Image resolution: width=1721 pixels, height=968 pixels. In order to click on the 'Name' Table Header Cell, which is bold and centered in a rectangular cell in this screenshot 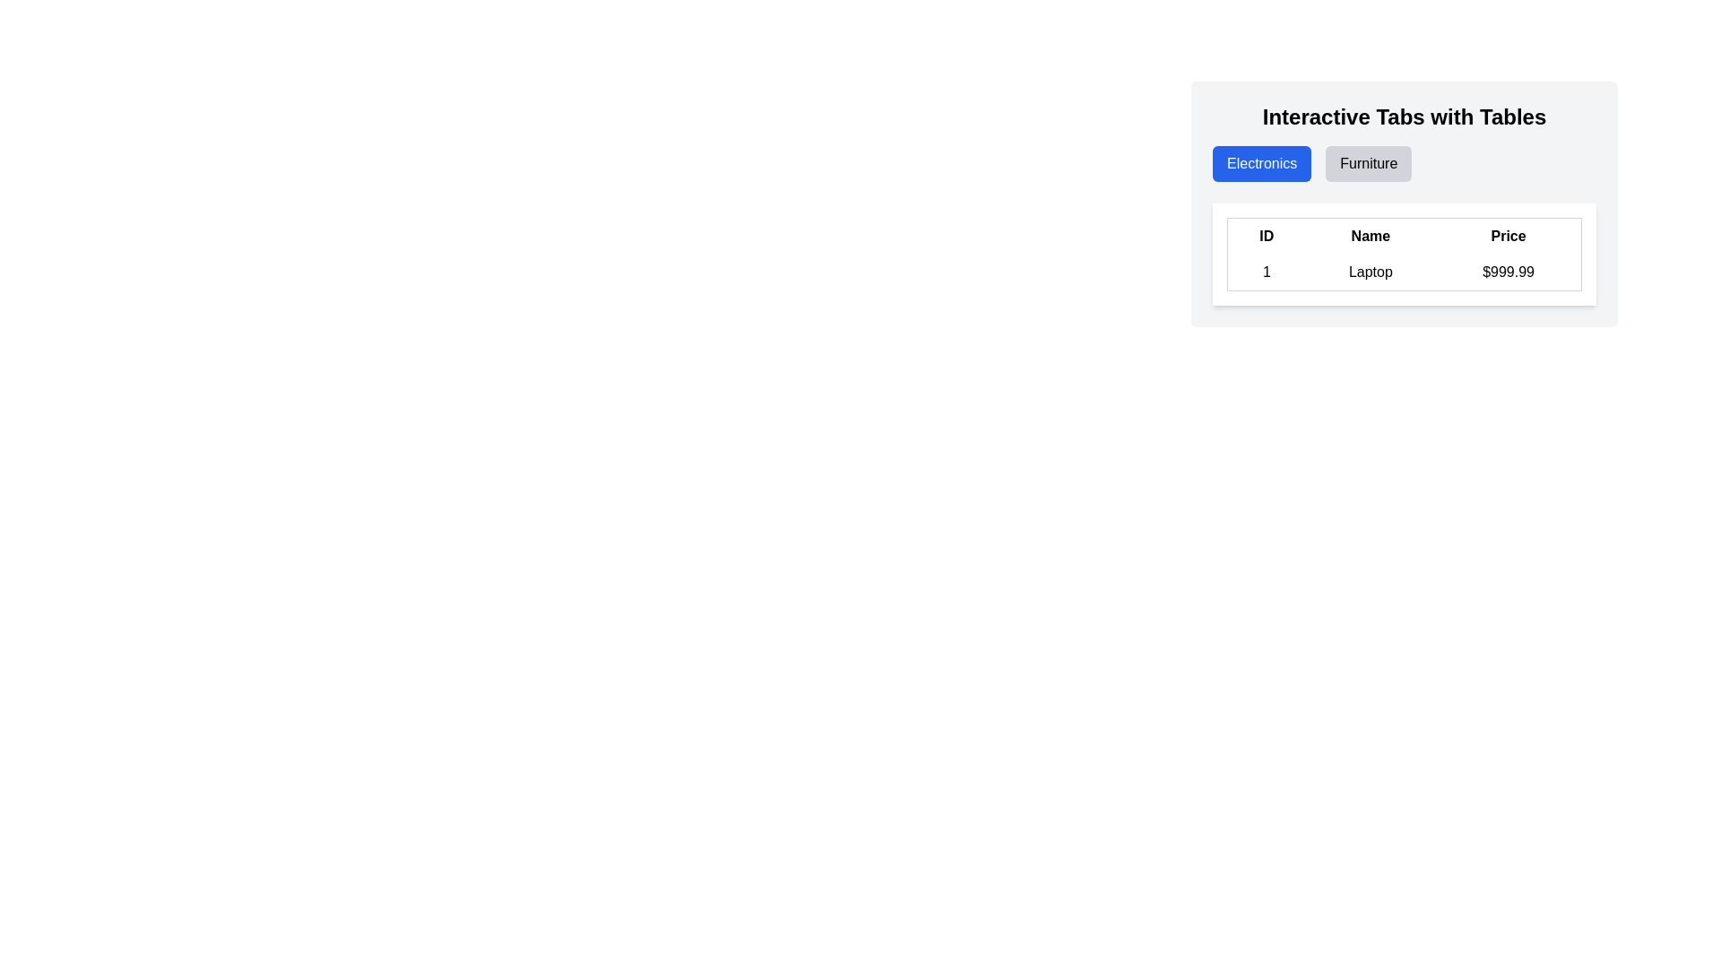, I will do `click(1370, 235)`.